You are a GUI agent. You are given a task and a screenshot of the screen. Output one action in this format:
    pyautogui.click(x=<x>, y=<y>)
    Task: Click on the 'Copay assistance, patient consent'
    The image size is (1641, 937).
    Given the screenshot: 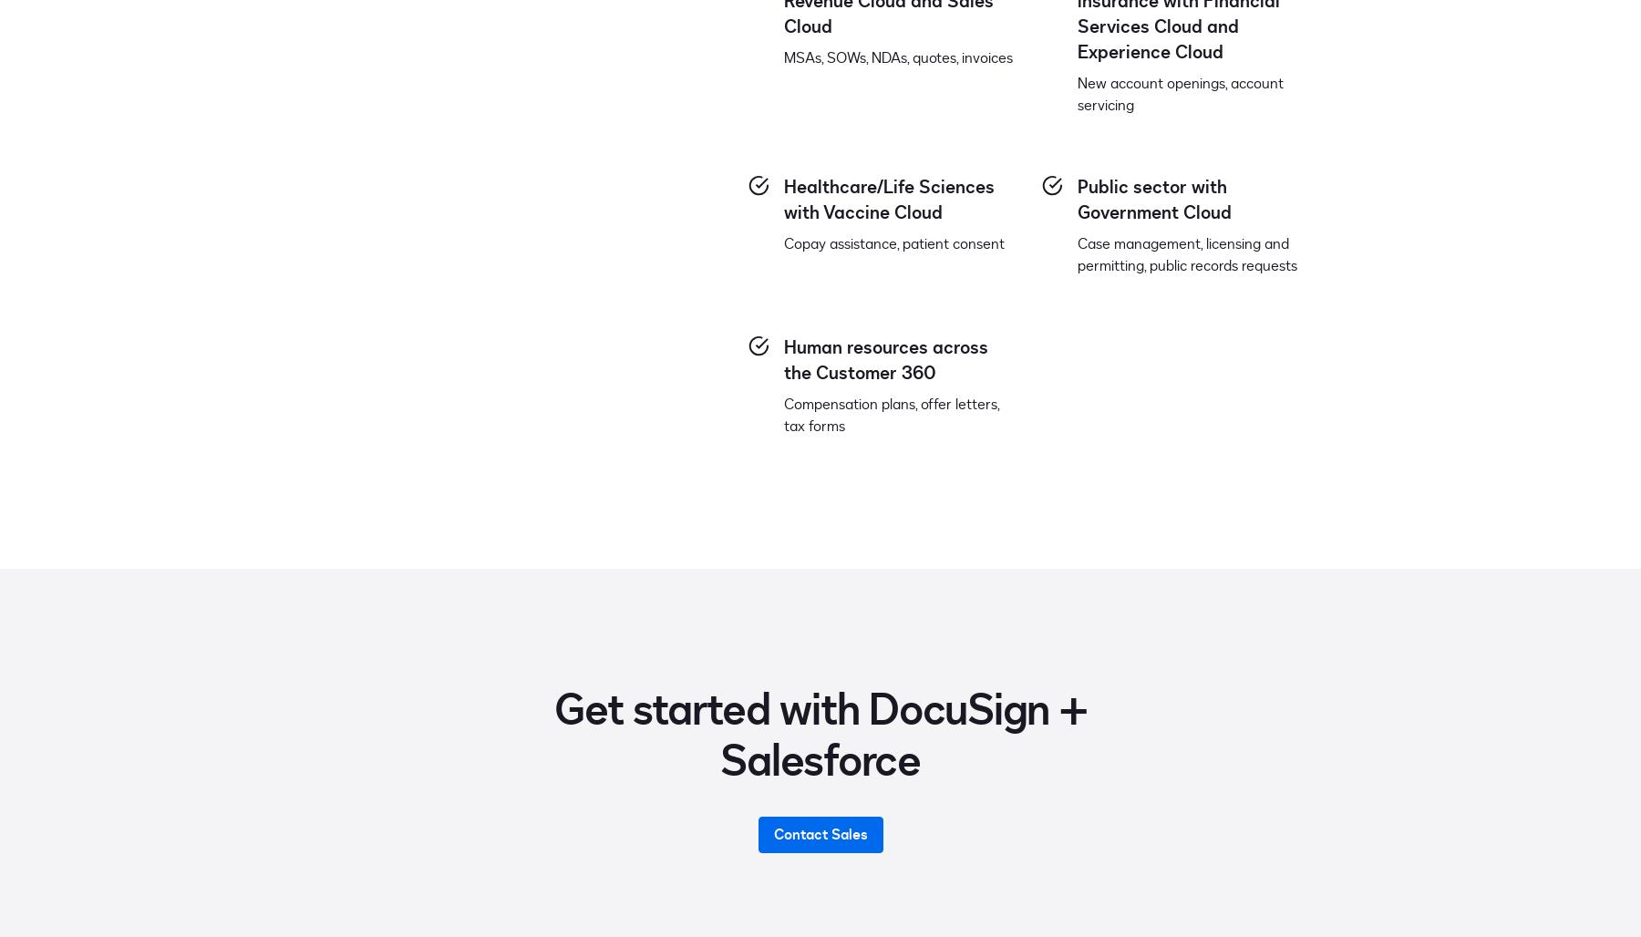 What is the action you would take?
    pyautogui.click(x=893, y=242)
    